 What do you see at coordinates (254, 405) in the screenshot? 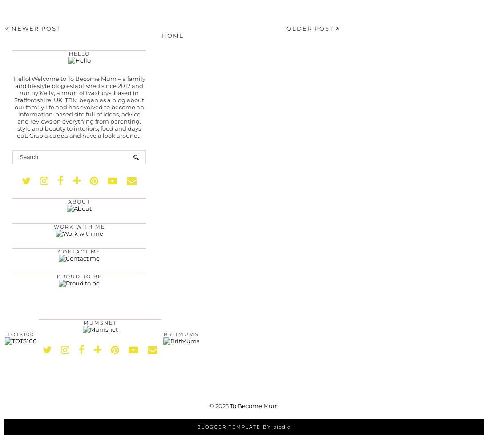
I see `'To Become Mum'` at bounding box center [254, 405].